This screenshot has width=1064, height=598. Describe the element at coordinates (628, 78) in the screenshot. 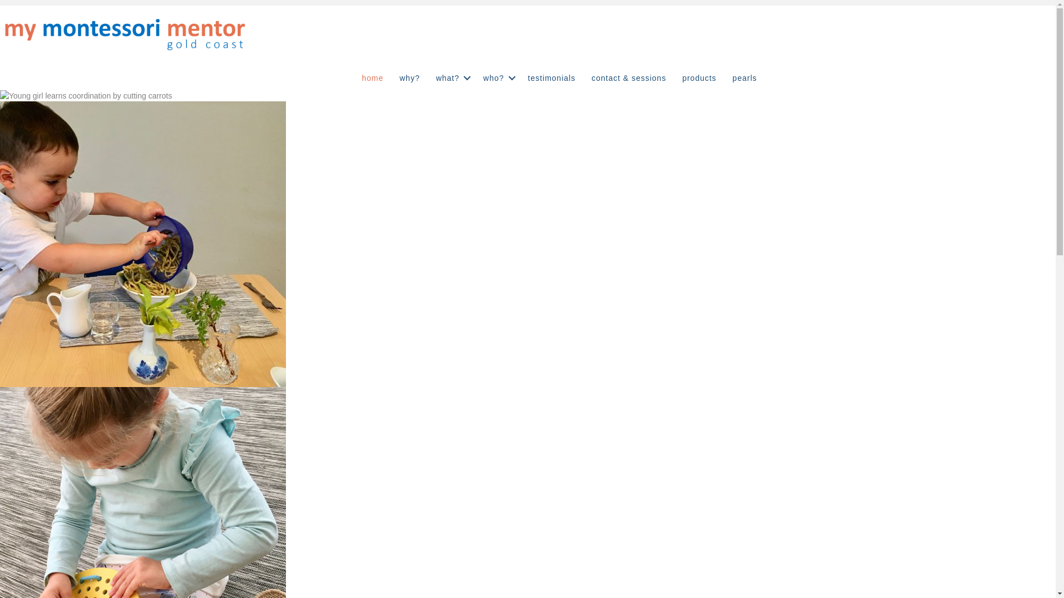

I see `'contact & sessions'` at that location.